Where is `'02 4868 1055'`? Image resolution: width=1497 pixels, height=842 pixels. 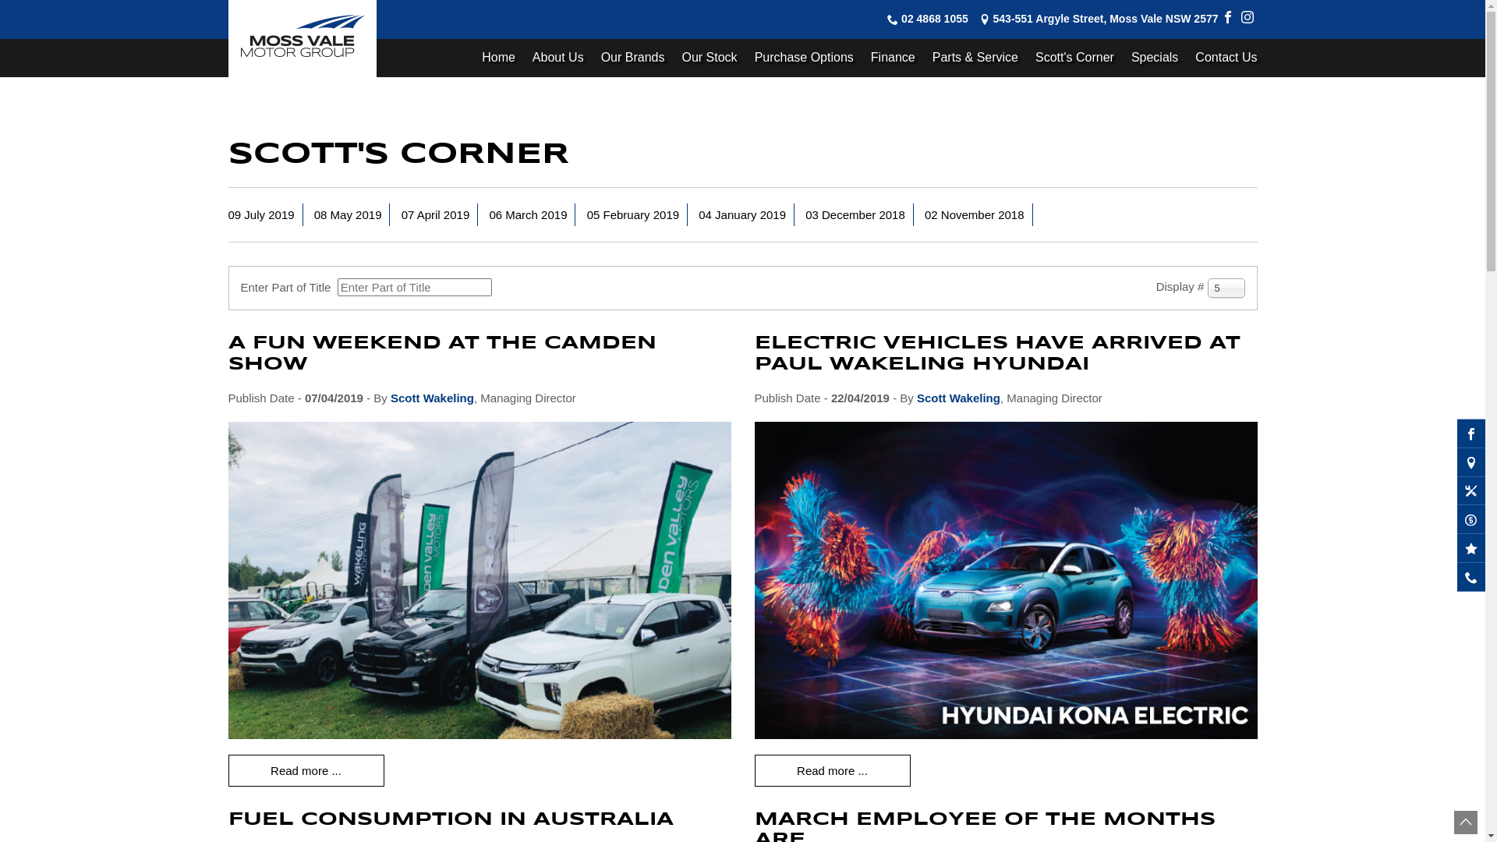
'02 4868 1055' is located at coordinates (935, 19).